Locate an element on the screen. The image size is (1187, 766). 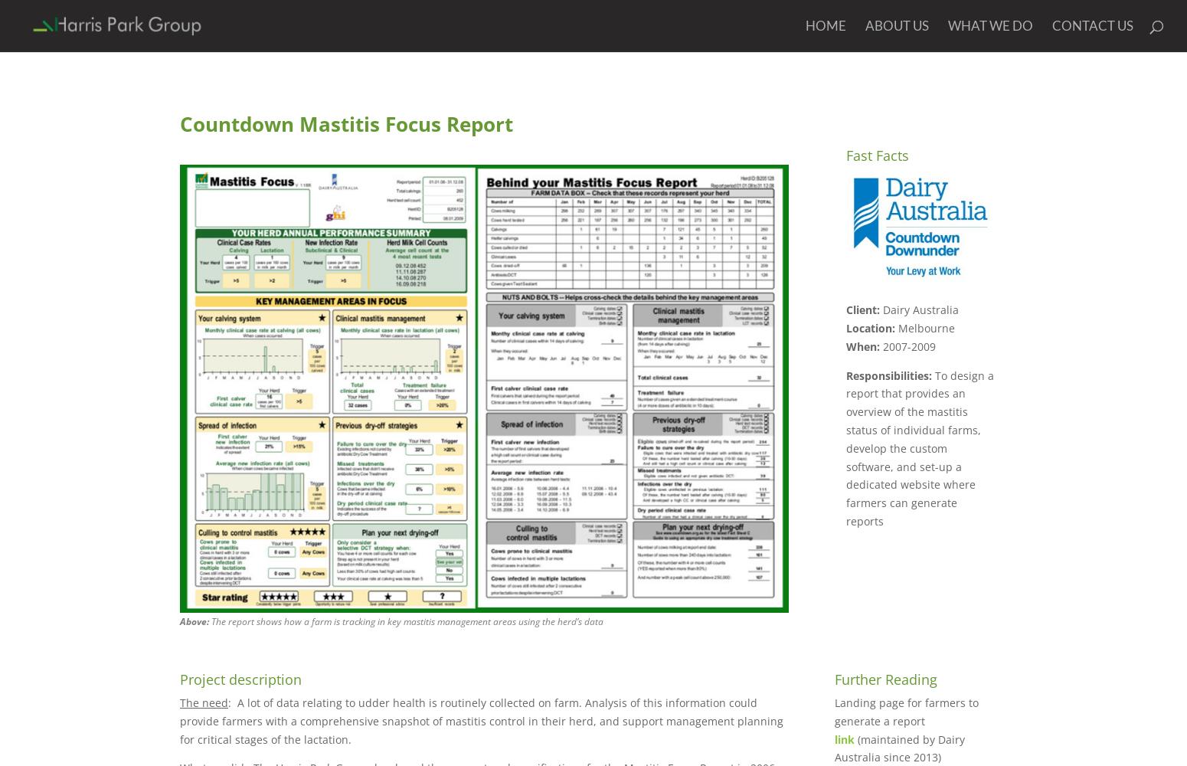
'What we do' is located at coordinates (947, 25).